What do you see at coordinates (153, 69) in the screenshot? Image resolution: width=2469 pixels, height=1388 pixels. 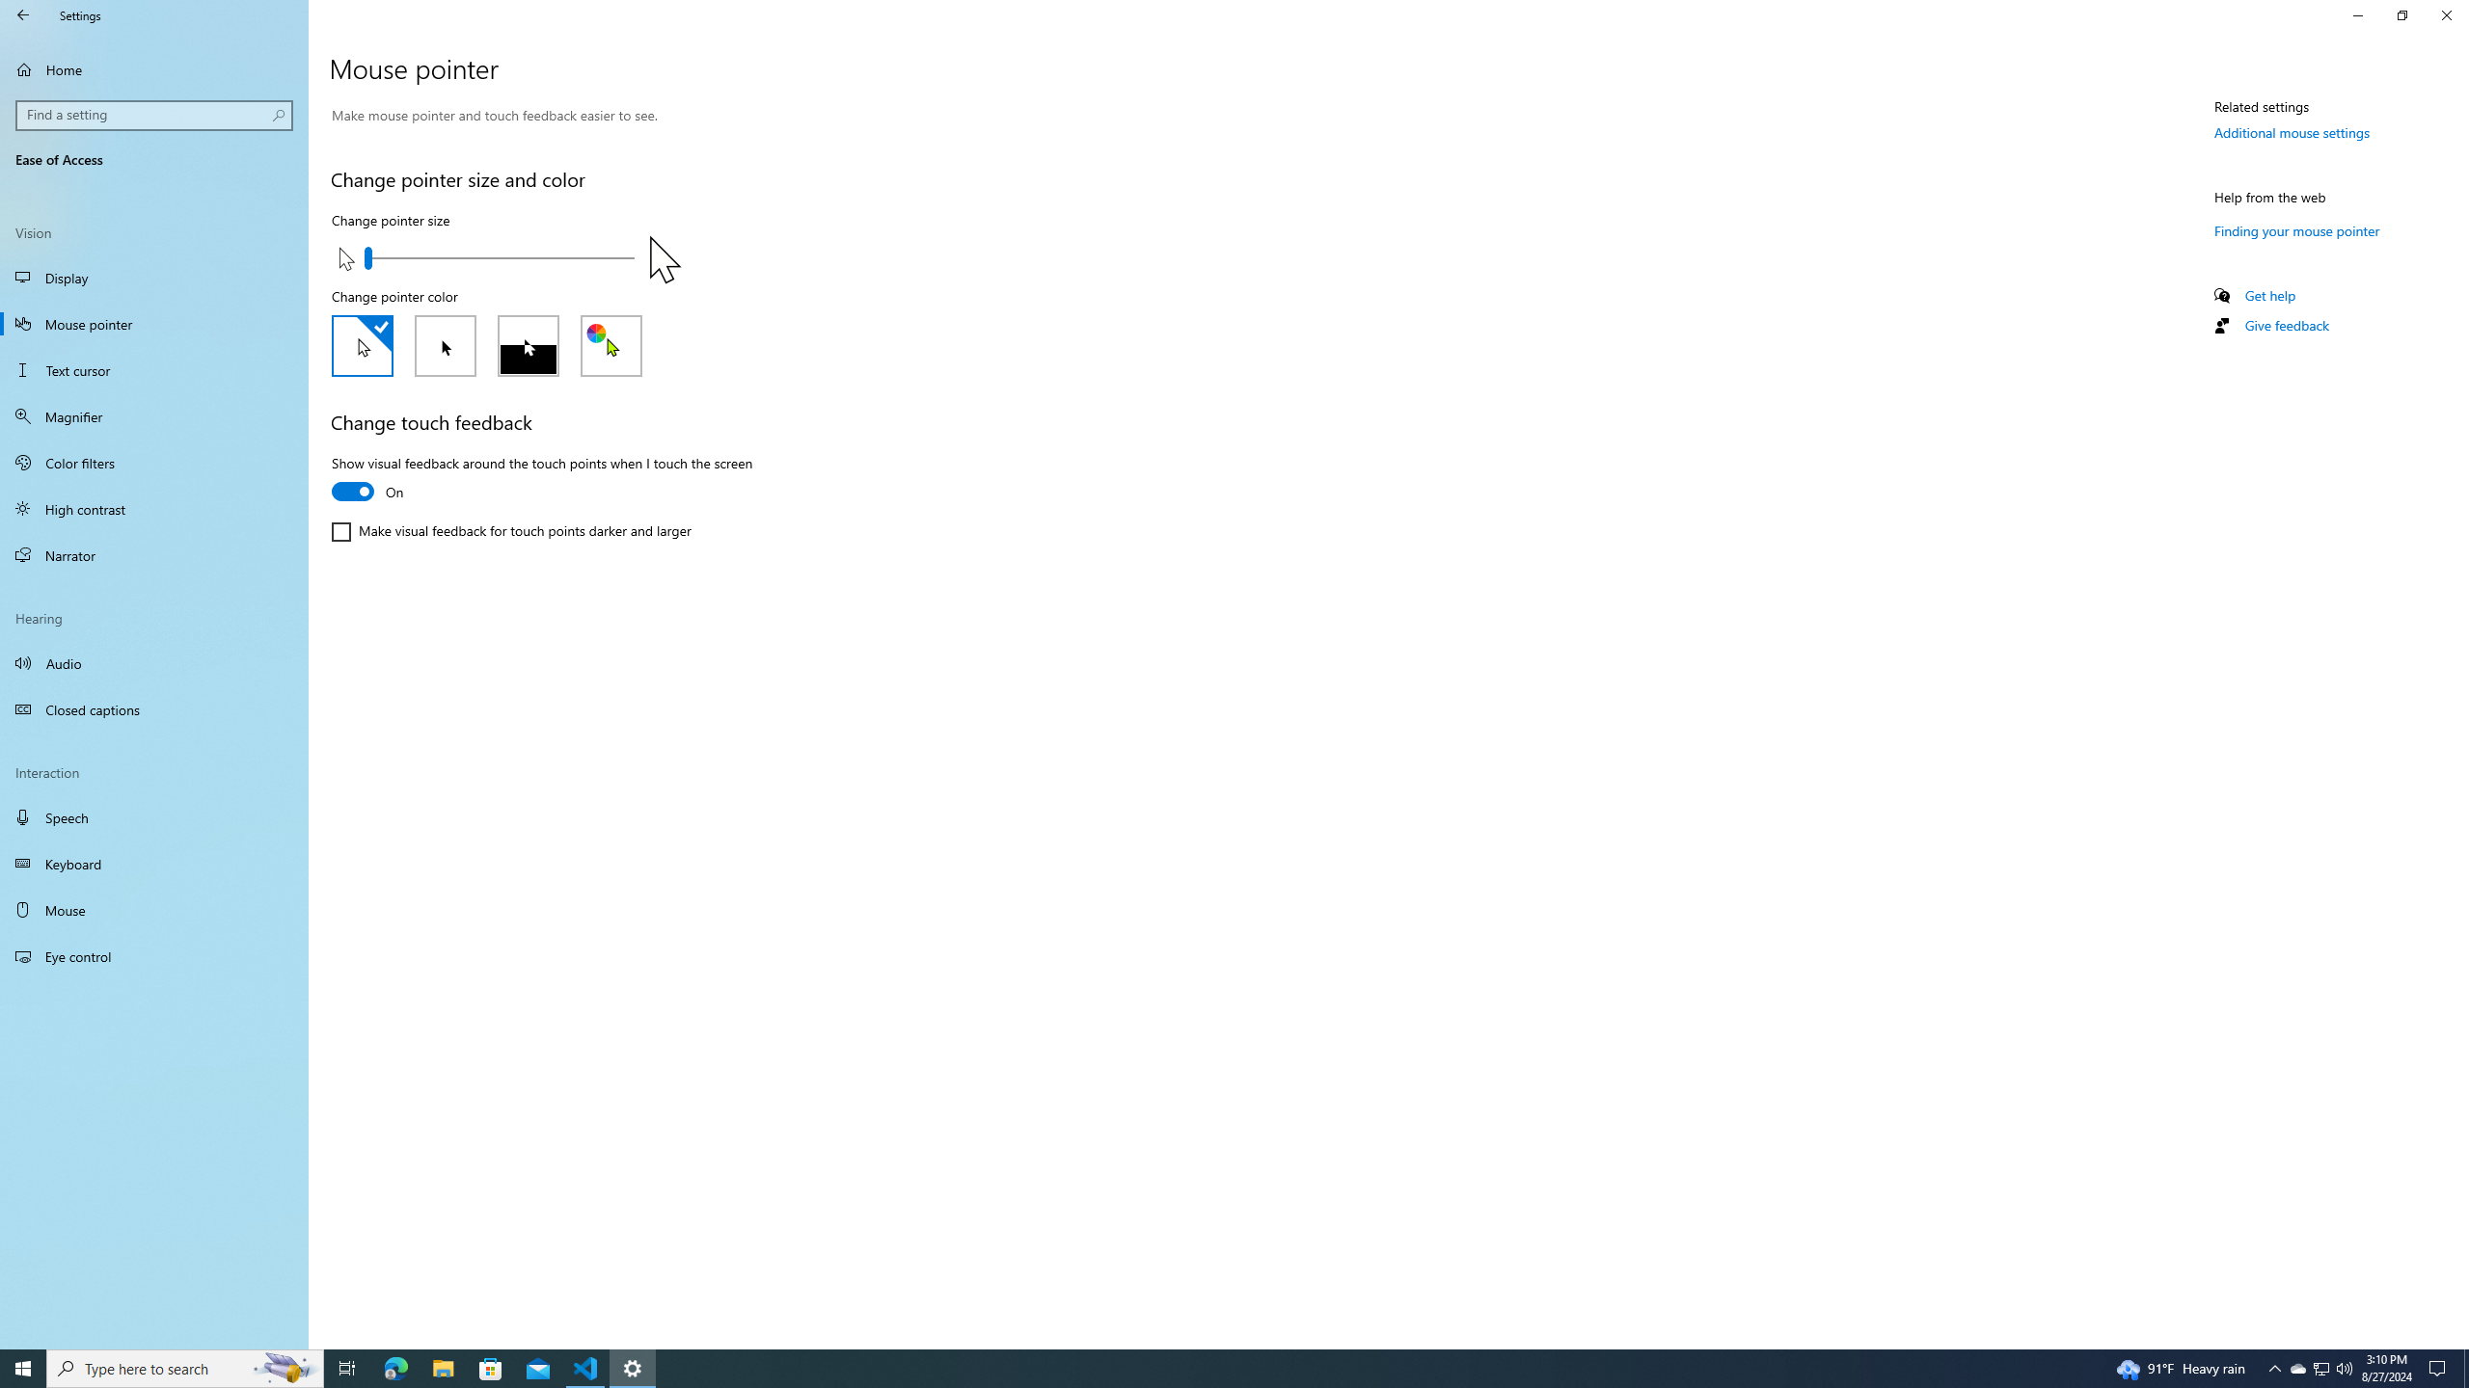 I see `'Home'` at bounding box center [153, 69].